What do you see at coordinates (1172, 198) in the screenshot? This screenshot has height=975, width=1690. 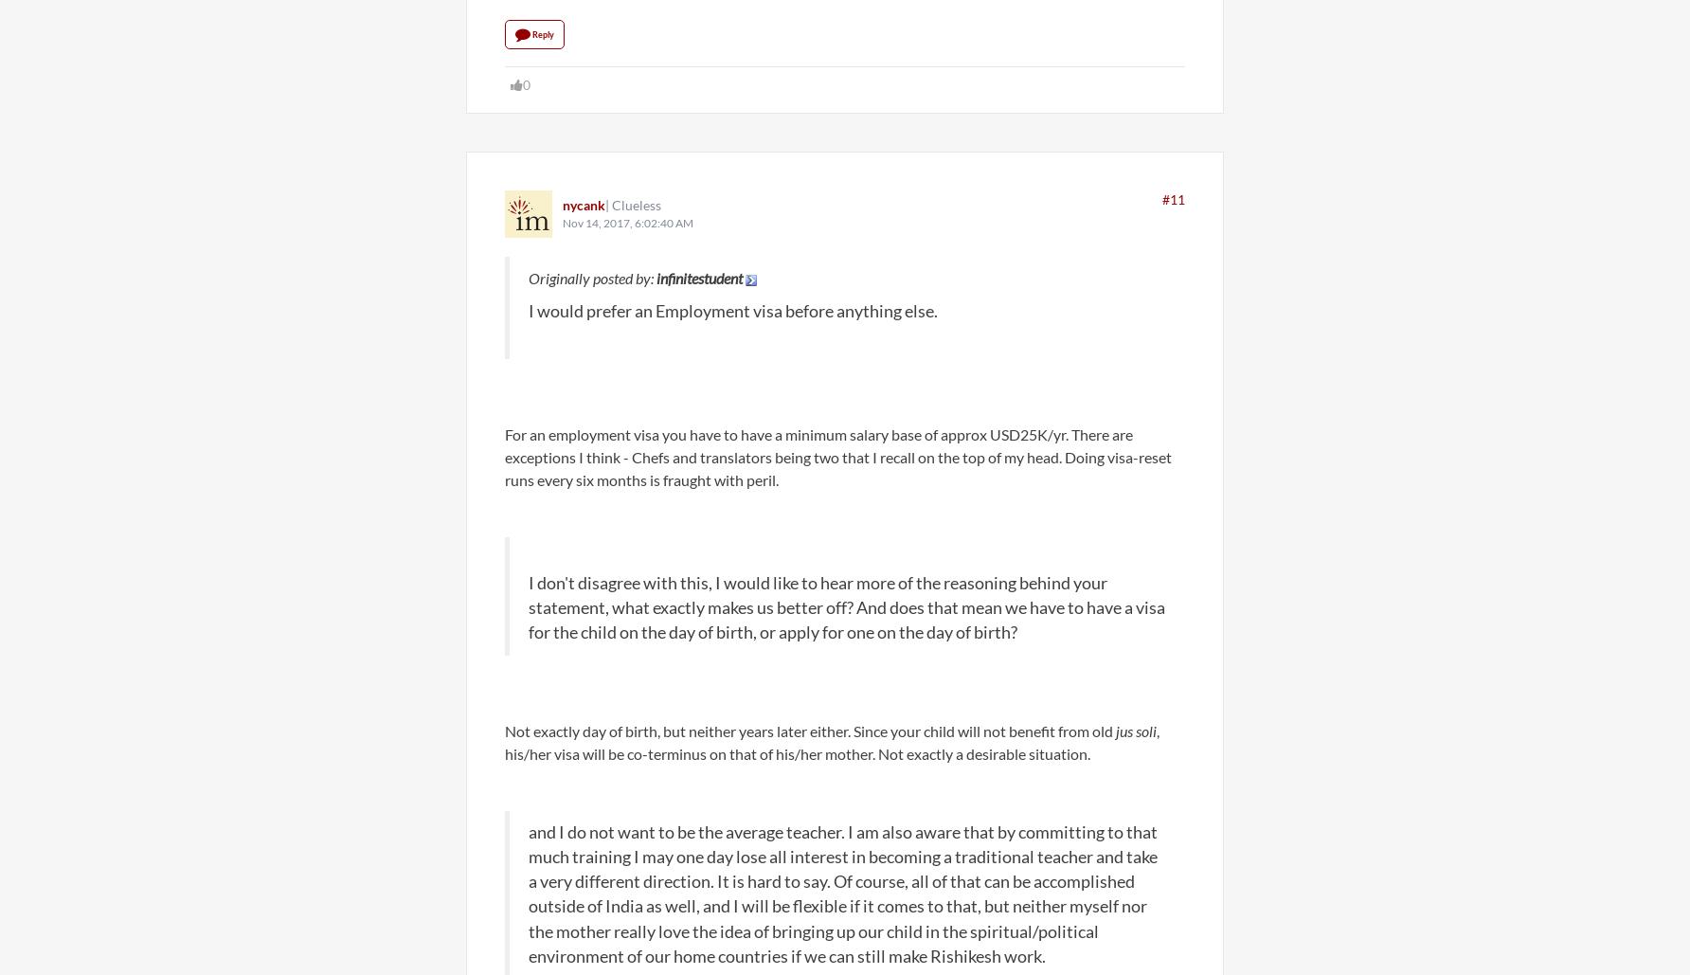 I see `'#11'` at bounding box center [1172, 198].